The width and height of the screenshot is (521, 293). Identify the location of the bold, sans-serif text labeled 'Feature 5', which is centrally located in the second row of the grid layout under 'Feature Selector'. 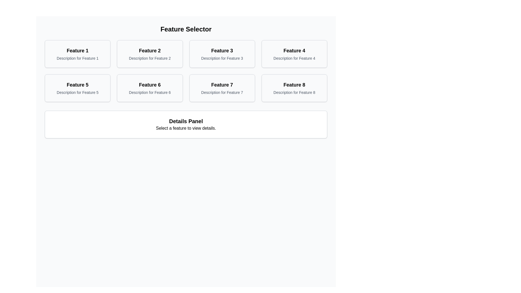
(77, 85).